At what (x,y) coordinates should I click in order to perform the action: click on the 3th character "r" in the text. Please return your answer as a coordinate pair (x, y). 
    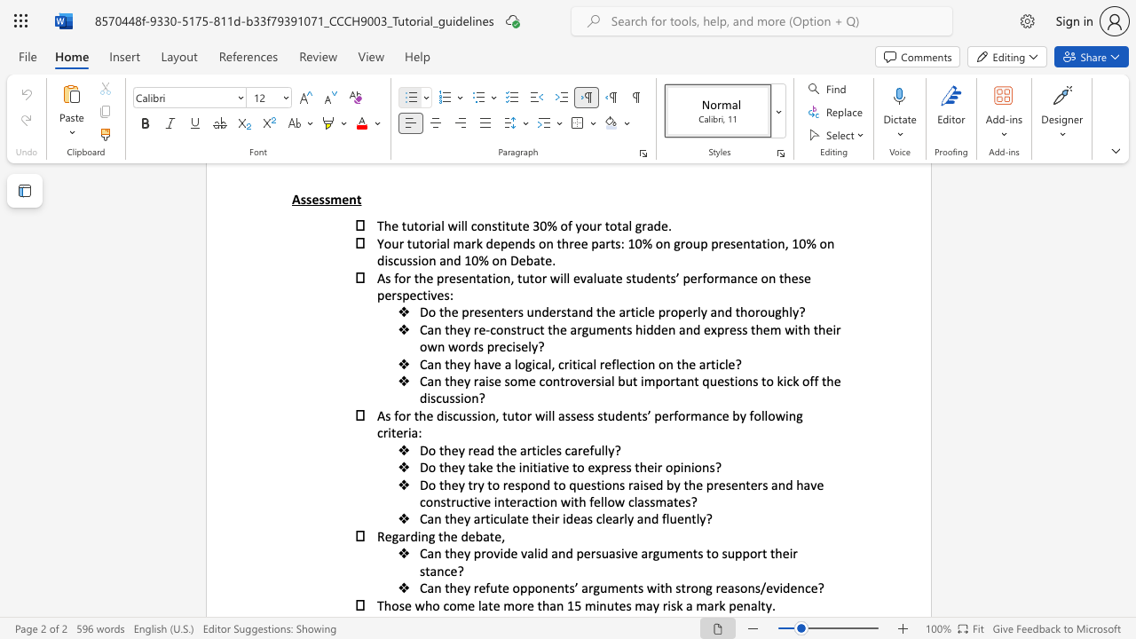
    Looking at the image, I should click on (593, 380).